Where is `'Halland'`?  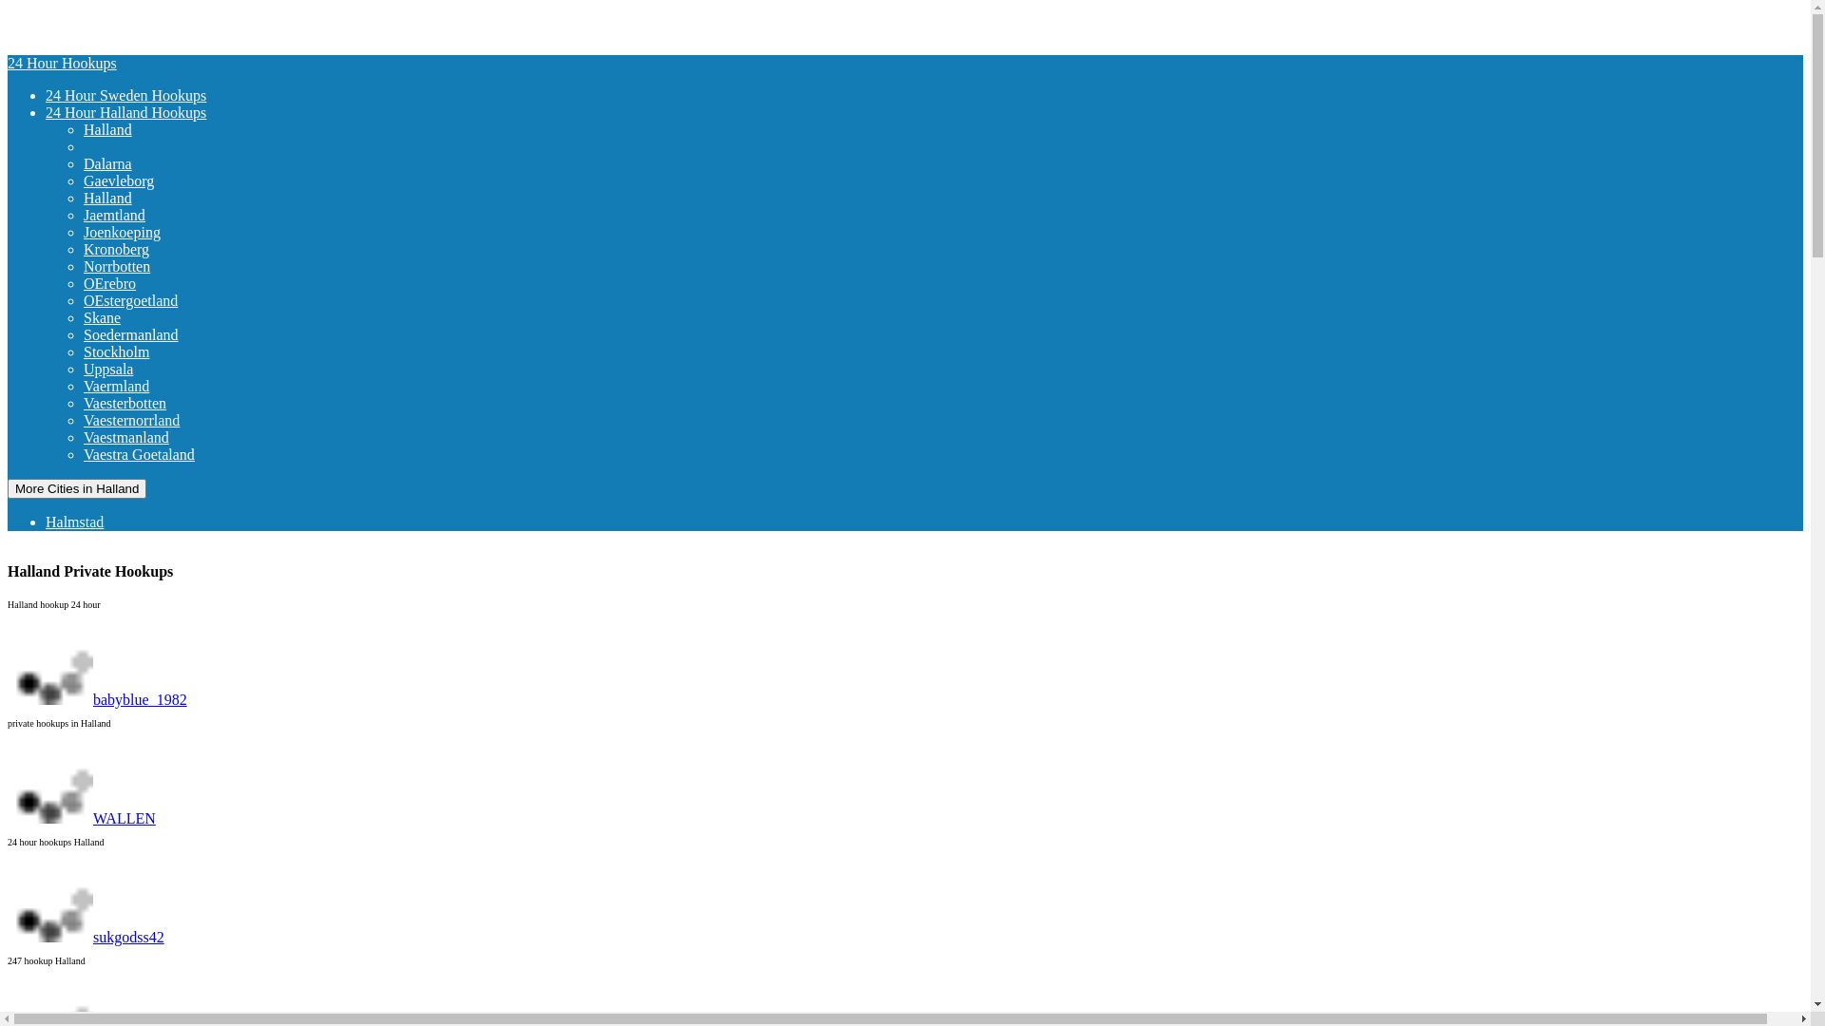
'Halland' is located at coordinates (140, 128).